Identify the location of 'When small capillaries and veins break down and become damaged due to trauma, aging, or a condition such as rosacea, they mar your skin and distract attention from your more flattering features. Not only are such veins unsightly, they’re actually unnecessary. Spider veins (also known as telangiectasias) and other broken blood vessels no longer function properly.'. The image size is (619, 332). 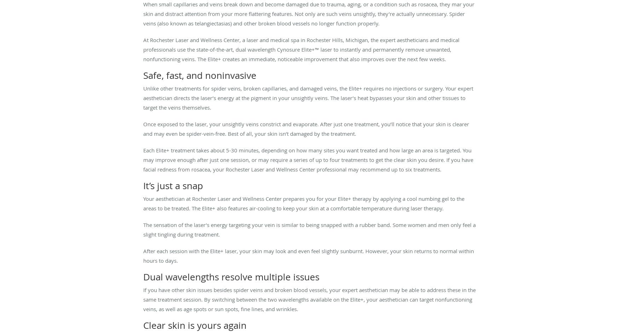
(143, 13).